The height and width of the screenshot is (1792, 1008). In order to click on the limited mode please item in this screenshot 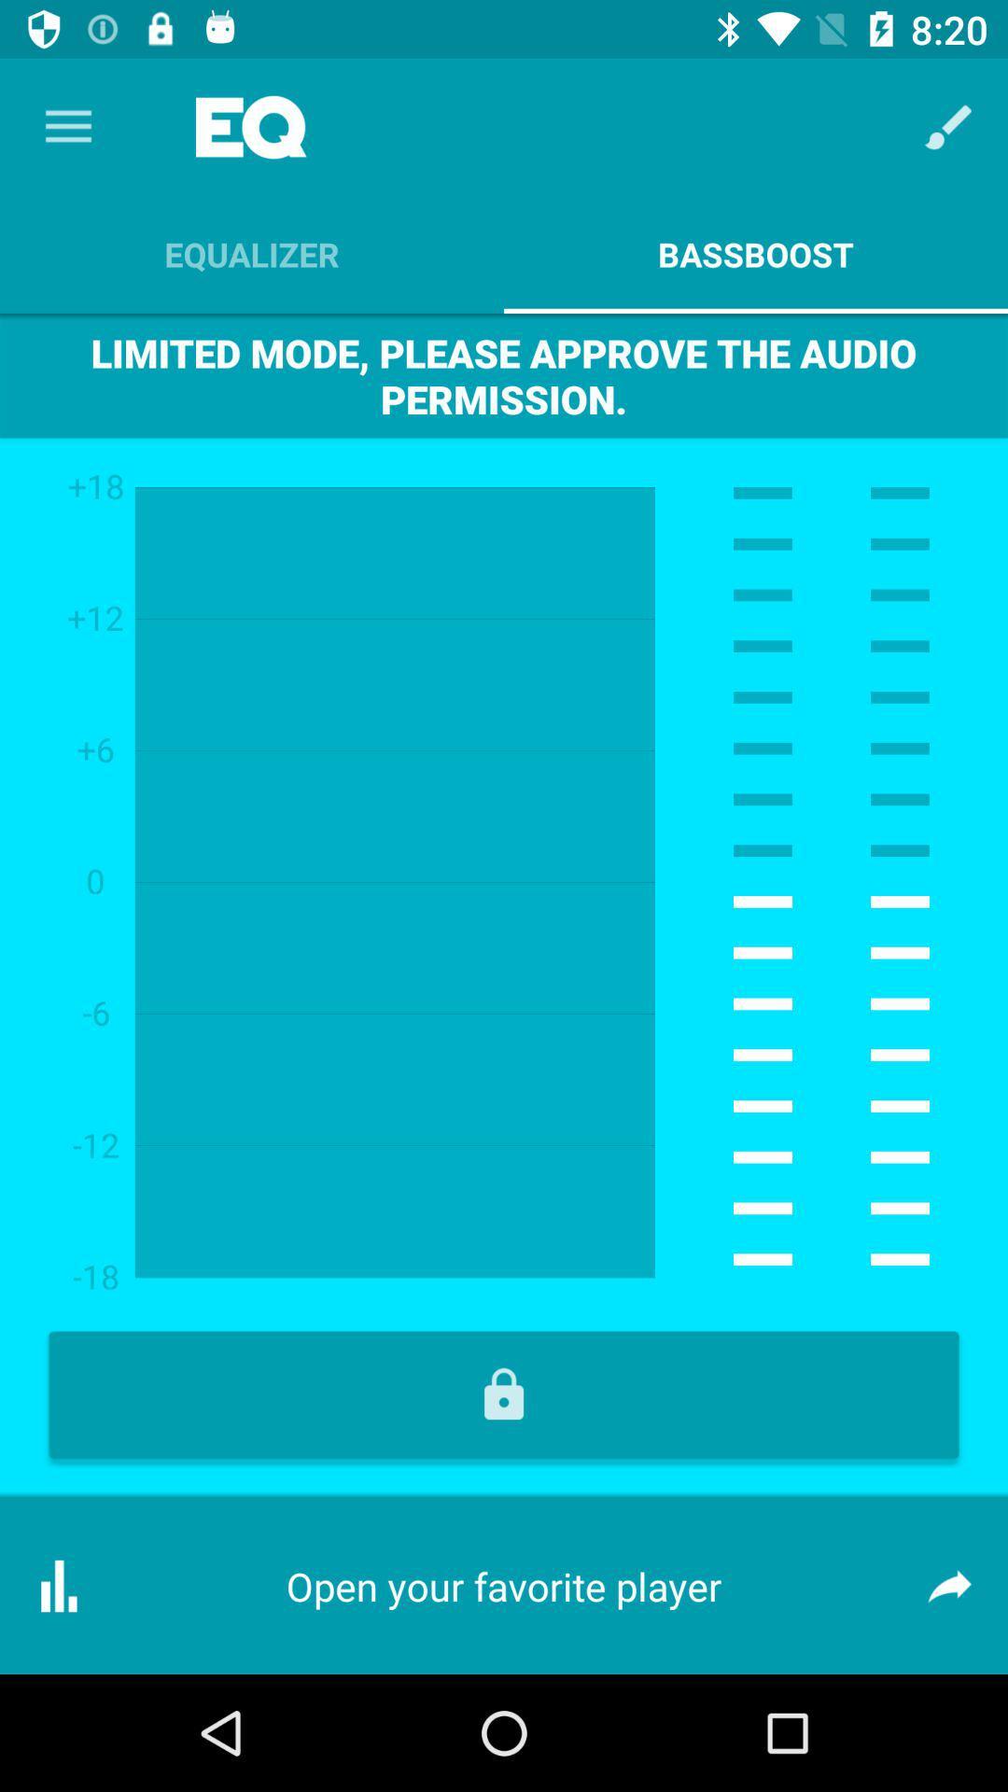, I will do `click(504, 374)`.